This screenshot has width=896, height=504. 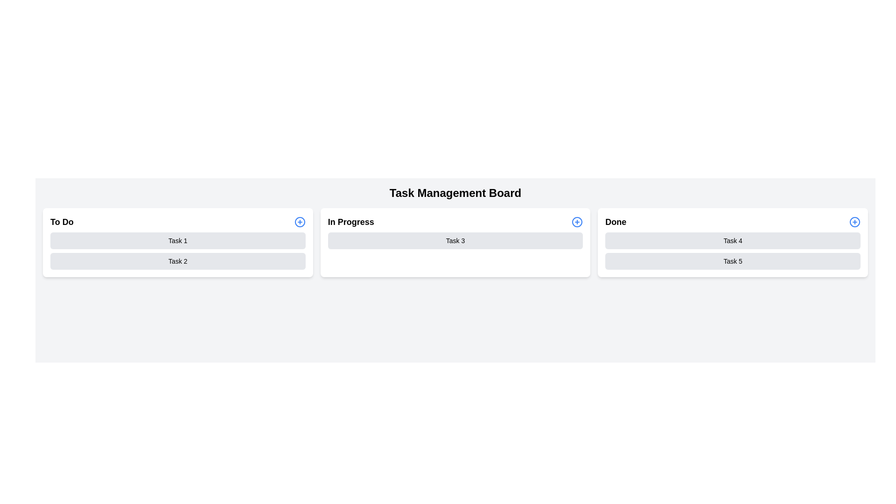 I want to click on the button located in the top-right corner of the 'Done' task board section header, so click(x=855, y=222).